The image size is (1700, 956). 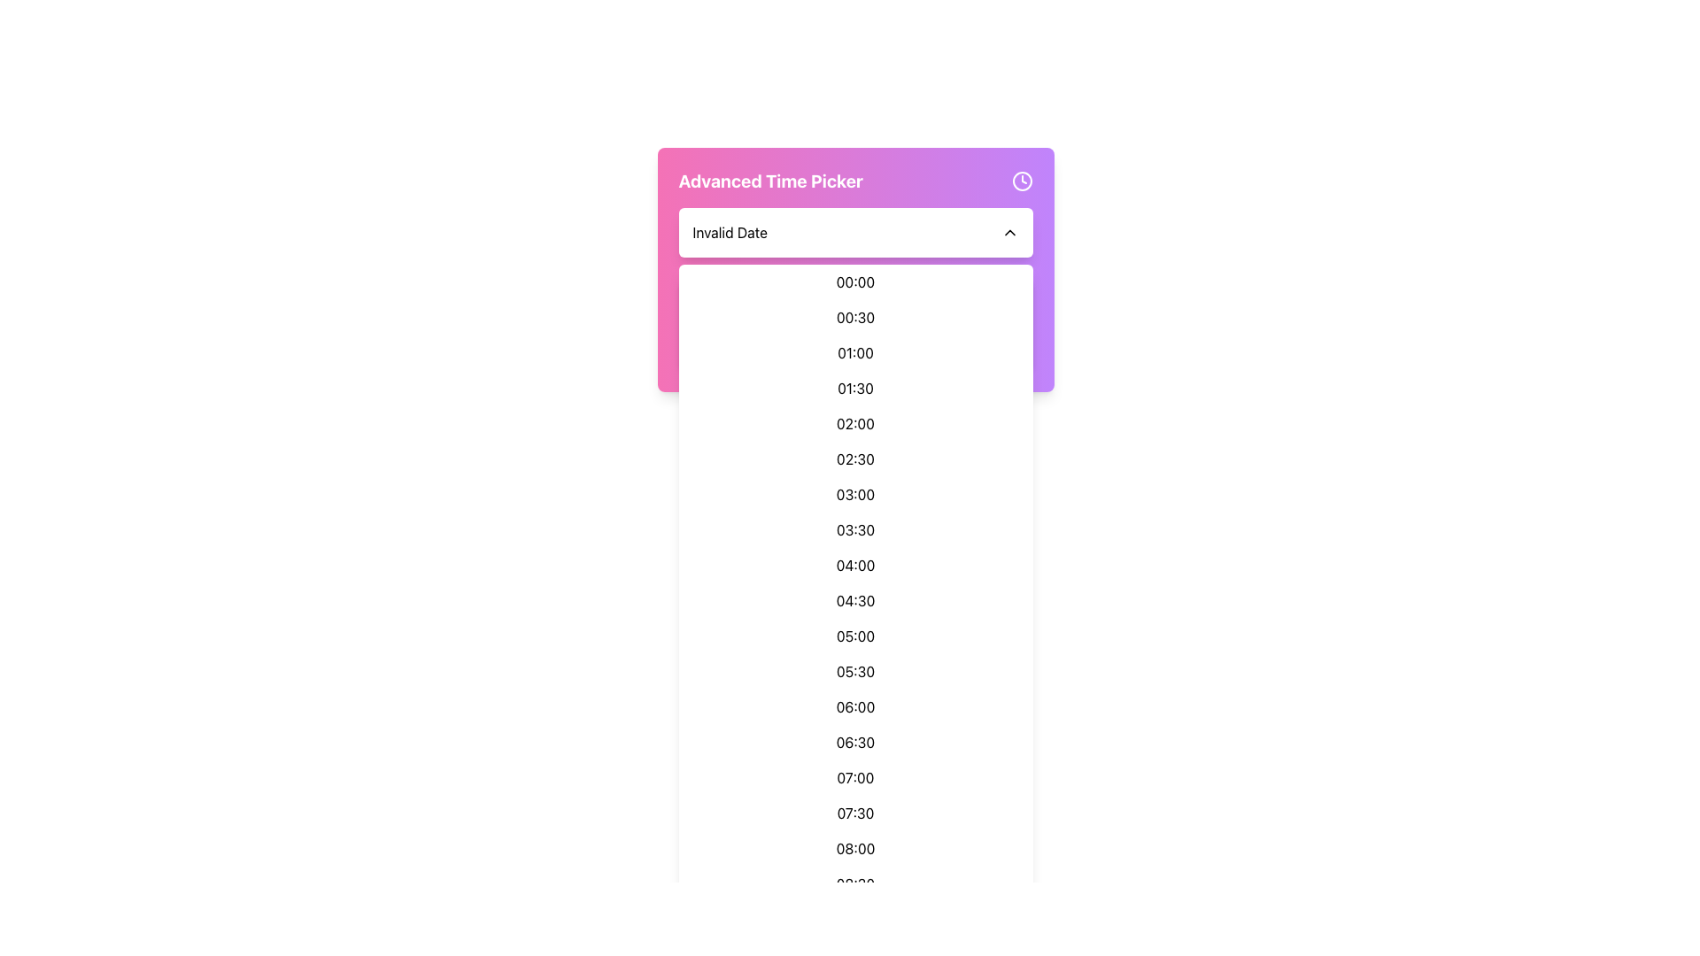 What do you see at coordinates (855, 777) in the screenshot?
I see `the list item displaying '07:00' in bold black font` at bounding box center [855, 777].